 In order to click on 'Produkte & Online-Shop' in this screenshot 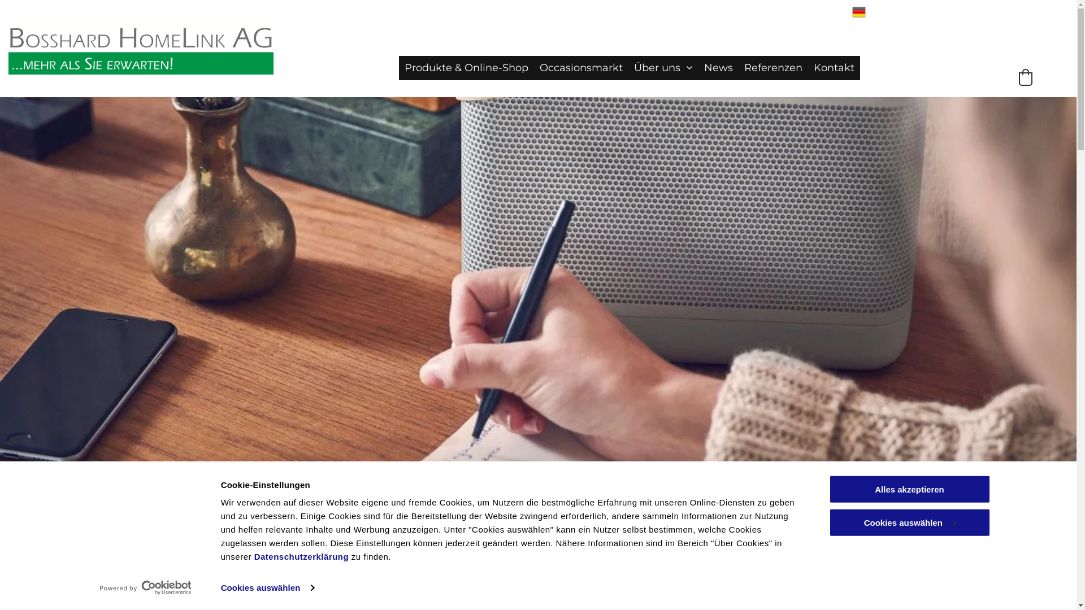, I will do `click(466, 68)`.